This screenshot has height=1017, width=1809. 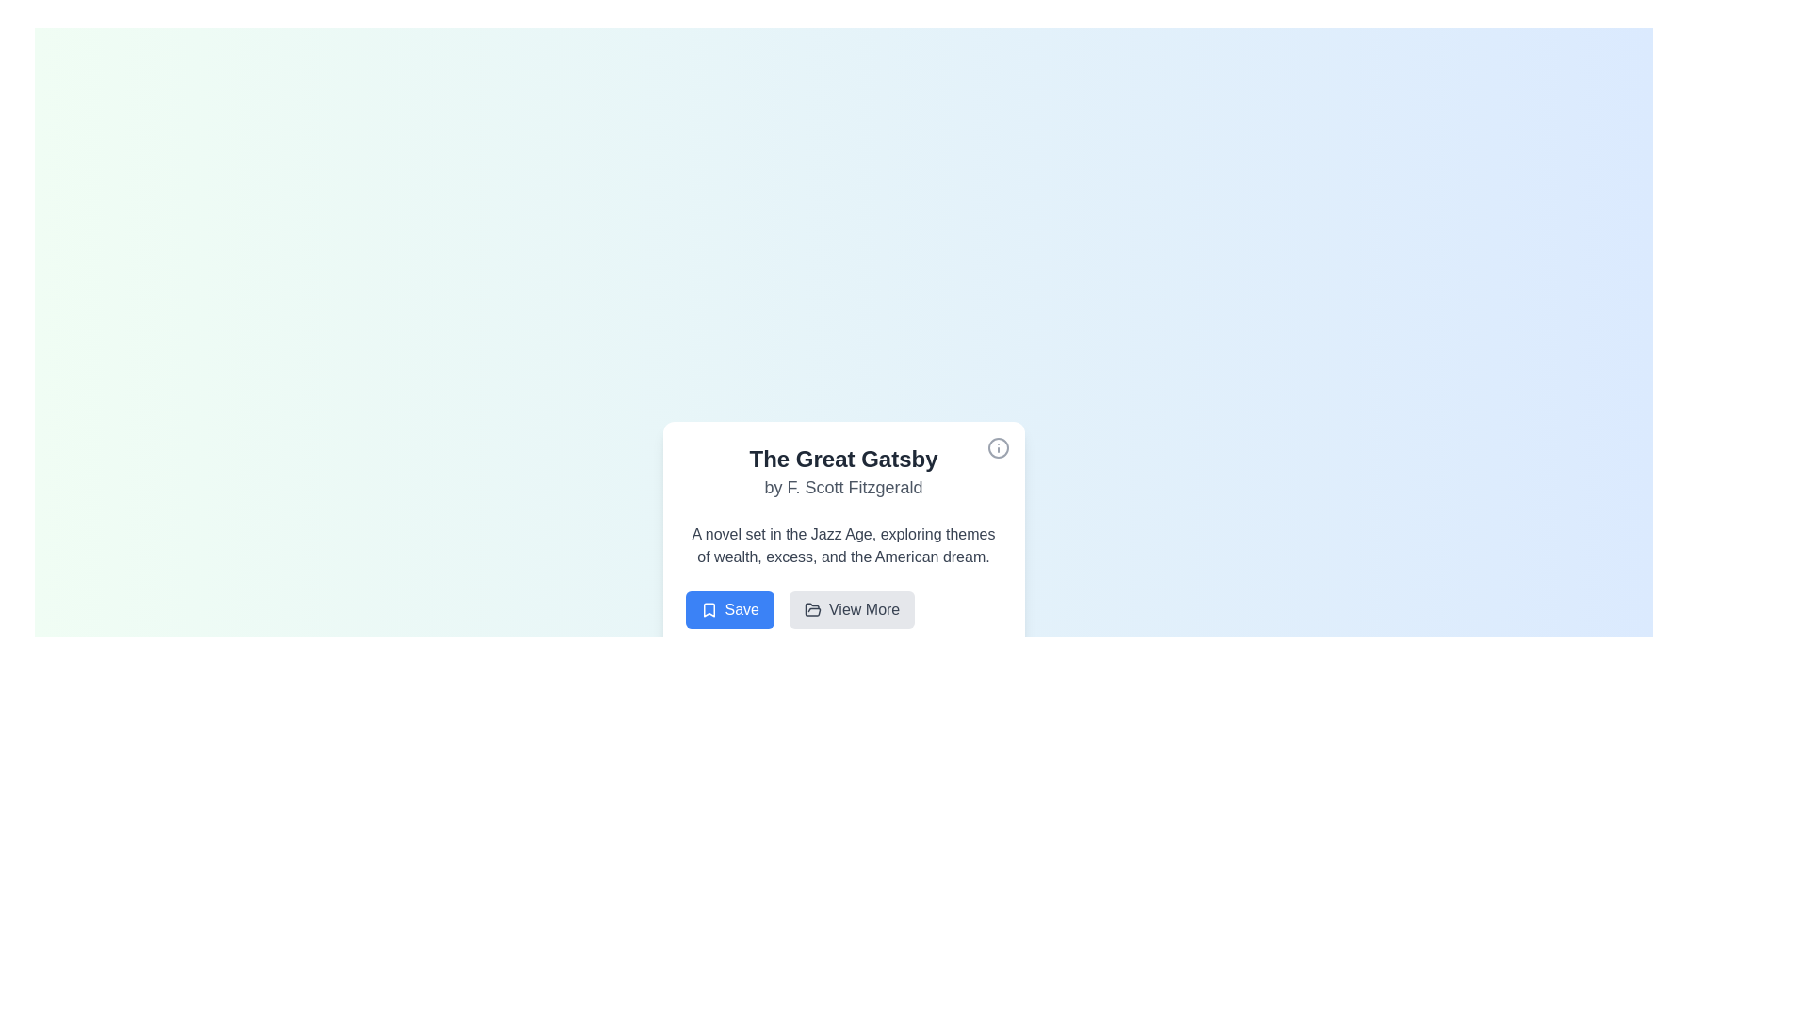 I want to click on text block located in the middle section of the card interface for 'The Great Gatsby', situated directly beneath the title and author information, and above the action buttons labeled 'Save' and 'View More.', so click(x=842, y=545).